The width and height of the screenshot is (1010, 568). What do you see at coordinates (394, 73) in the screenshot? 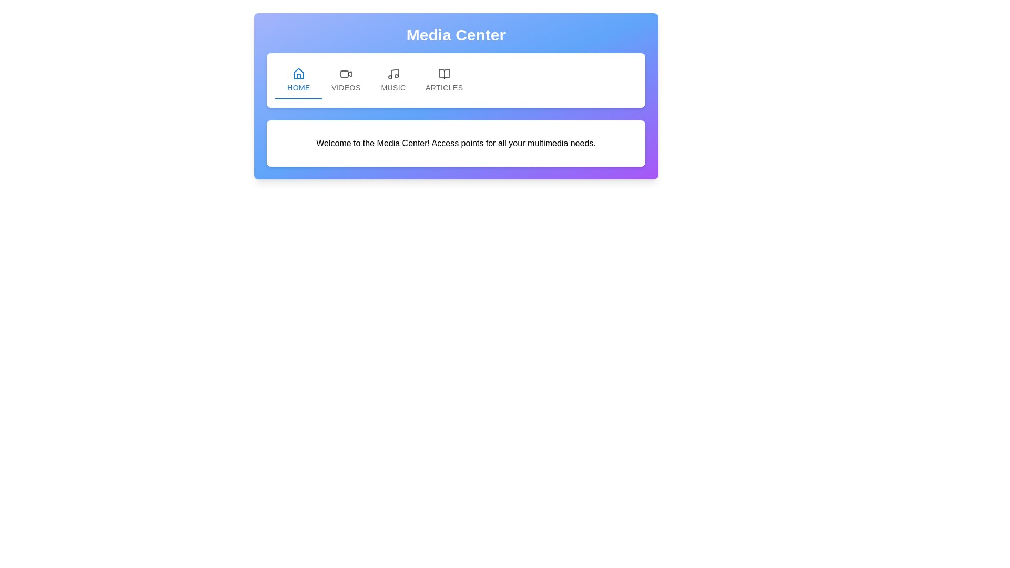
I see `the music note graphic icon which represents the music section in the Media Center, located below the 'MUSIC' text label` at bounding box center [394, 73].